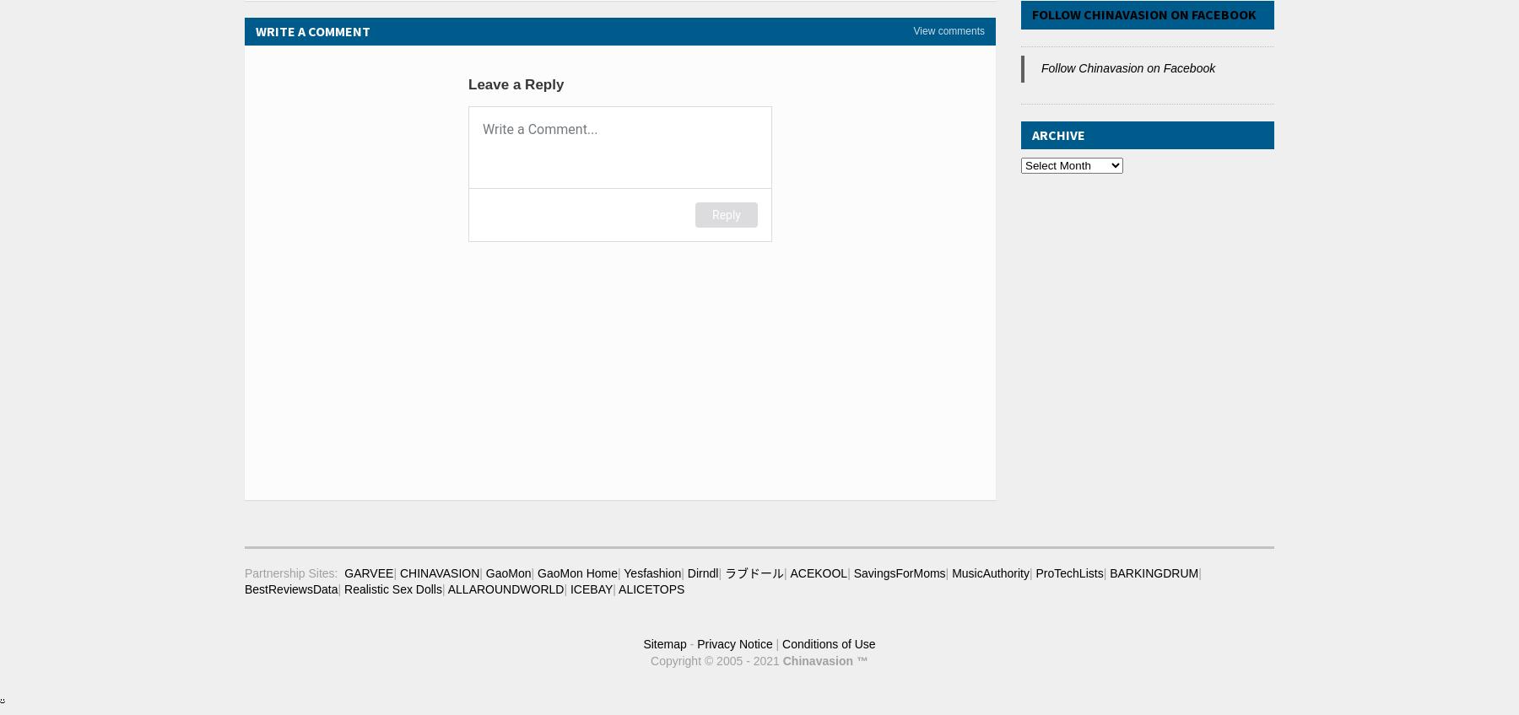  I want to click on '-', so click(691, 642).